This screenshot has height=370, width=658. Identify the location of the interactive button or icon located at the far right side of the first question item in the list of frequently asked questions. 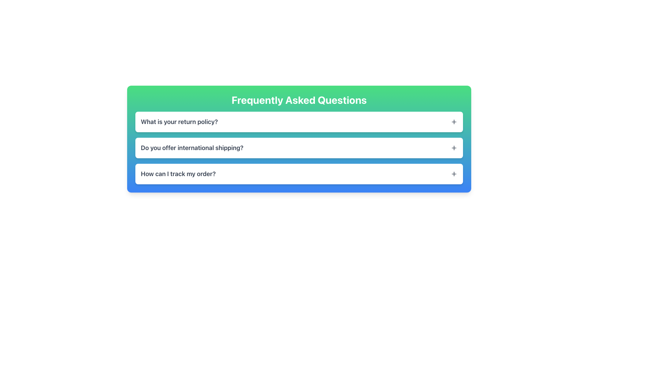
(454, 121).